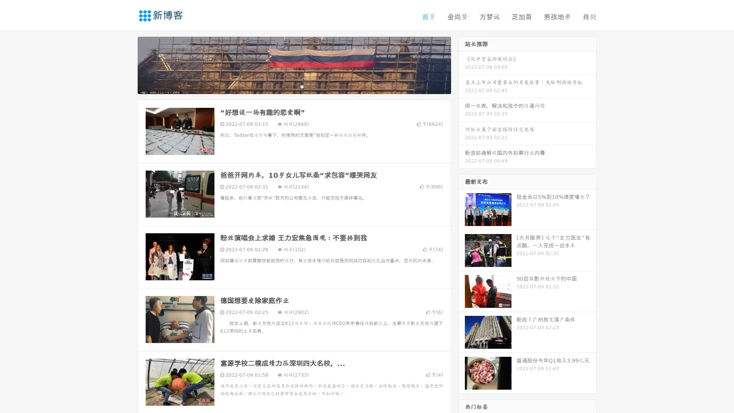 This screenshot has width=734, height=413. I want to click on Go to slide 2, so click(294, 86).